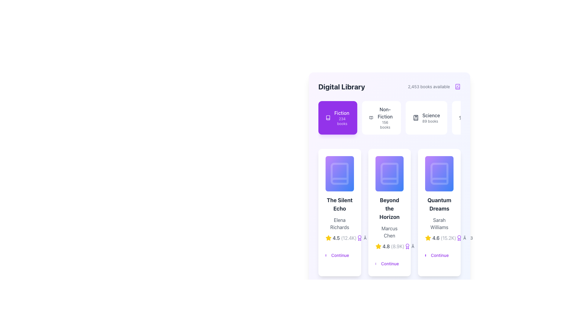 This screenshot has height=323, width=574. Describe the element at coordinates (381, 118) in the screenshot. I see `the navigation button for the Non-Fiction category, which is the second button in a horizontally scrolling list of category cards, located to the right of the Fiction card and to the left of the Science card` at that location.